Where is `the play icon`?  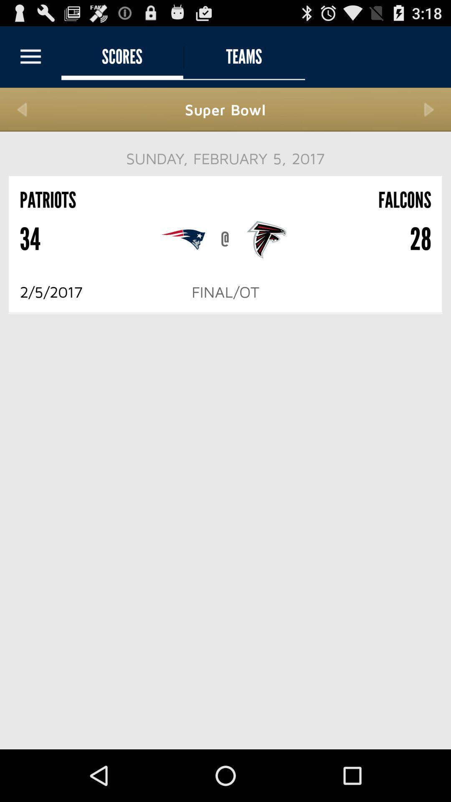
the play icon is located at coordinates (429, 117).